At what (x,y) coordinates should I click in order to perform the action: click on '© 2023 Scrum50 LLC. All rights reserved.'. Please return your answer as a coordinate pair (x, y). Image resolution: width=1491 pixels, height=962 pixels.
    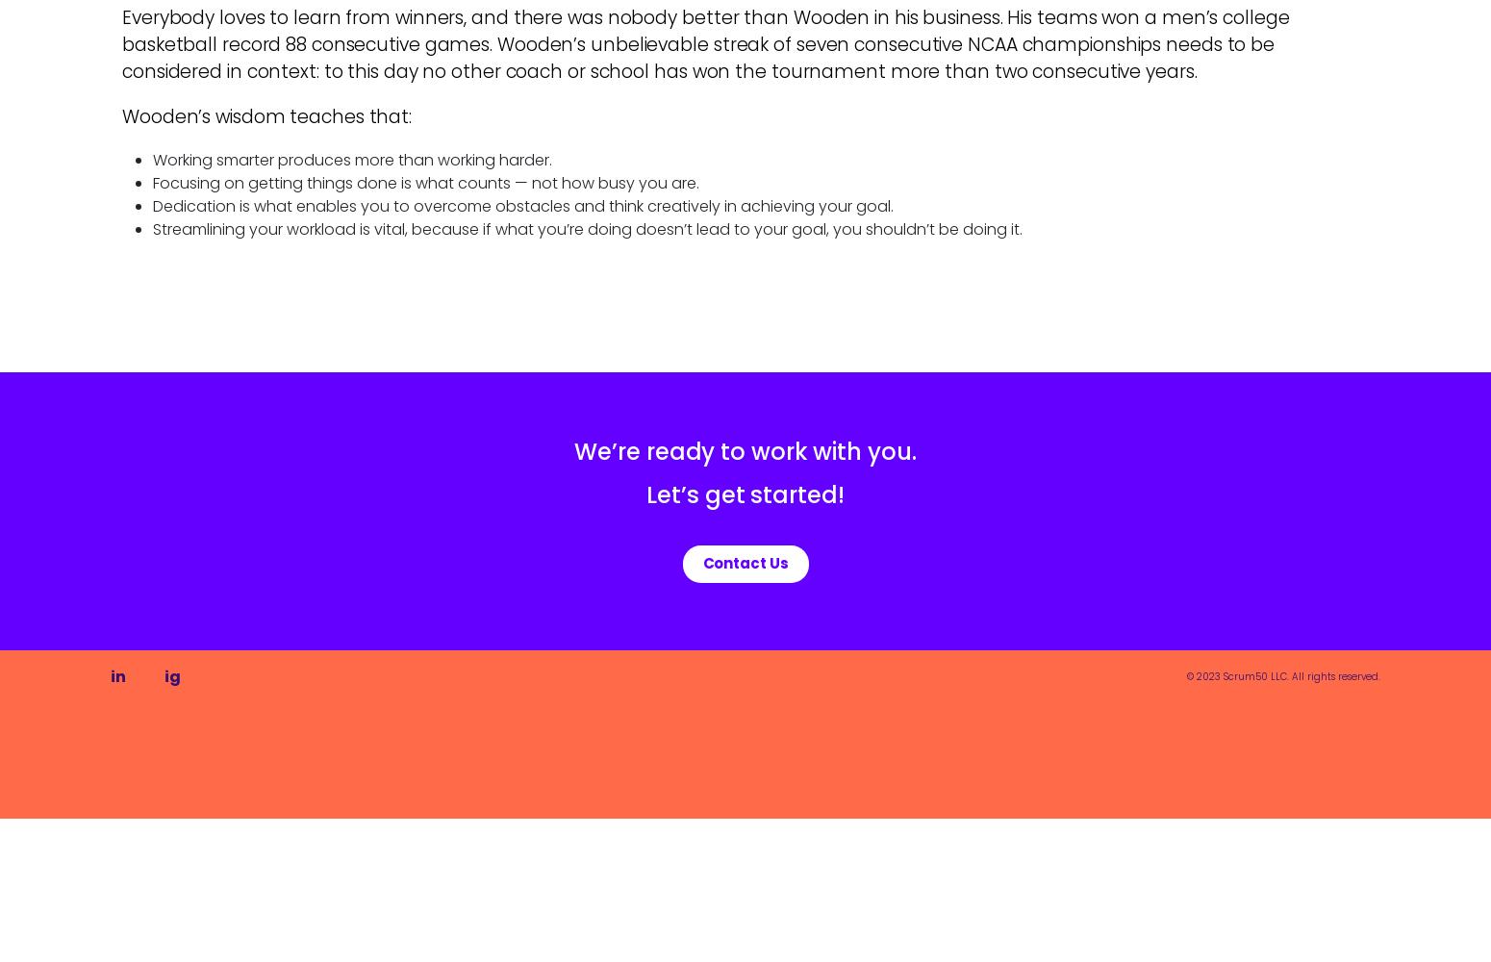
    Looking at the image, I should click on (1283, 675).